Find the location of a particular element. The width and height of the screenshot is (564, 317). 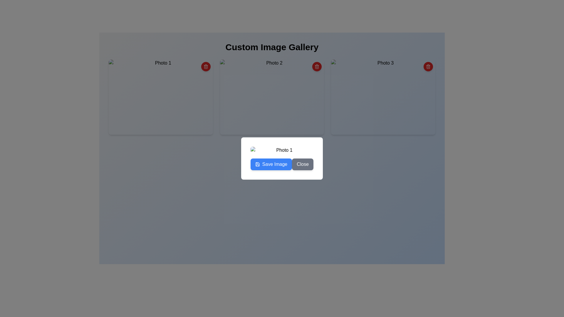

text label that displays 'Custom Image Gallery', which is a large, bold header element located at the top center of the interface is located at coordinates (272, 47).